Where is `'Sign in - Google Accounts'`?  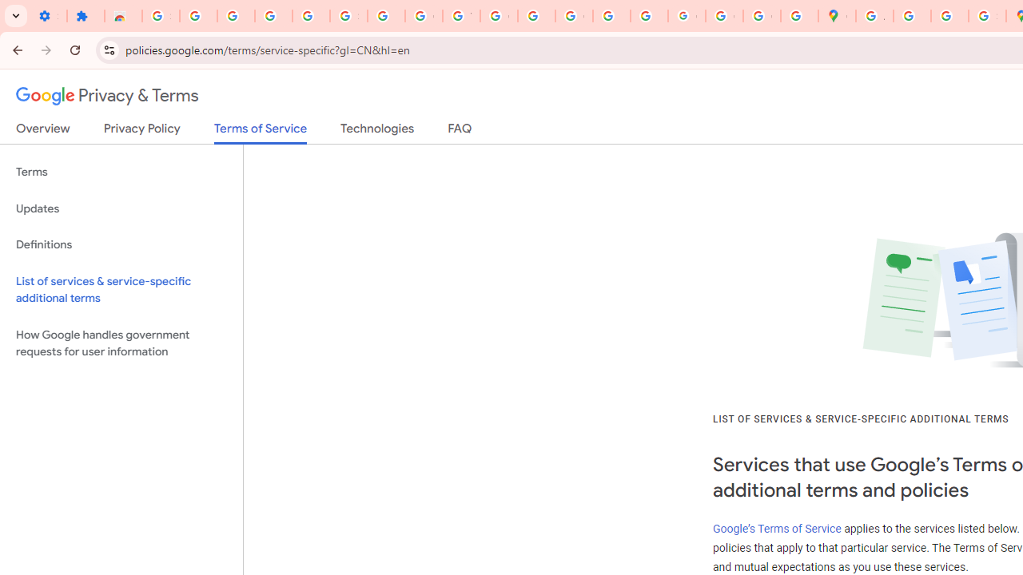
'Sign in - Google Accounts' is located at coordinates (161, 16).